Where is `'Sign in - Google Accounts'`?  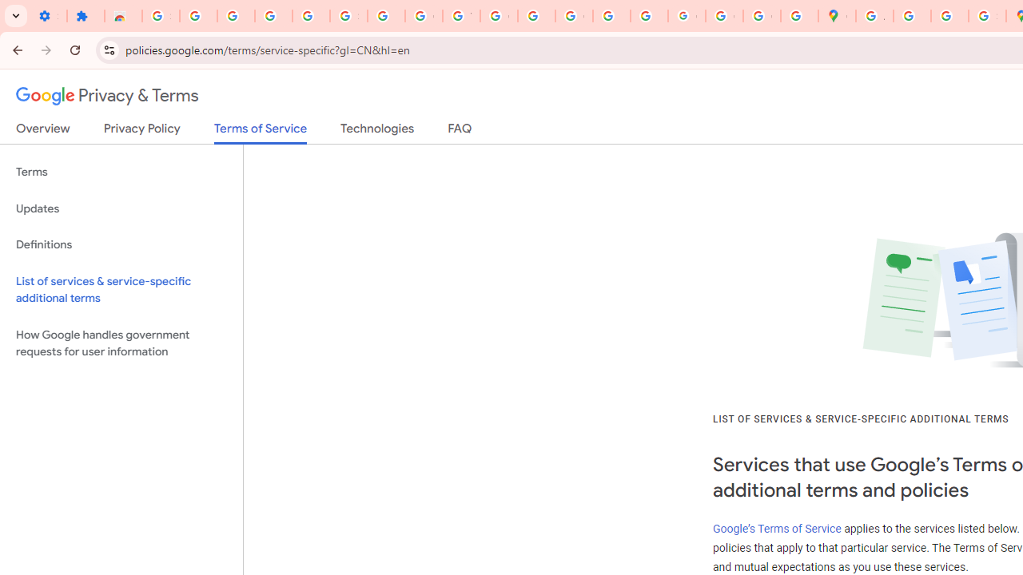
'Sign in - Google Accounts' is located at coordinates (161, 16).